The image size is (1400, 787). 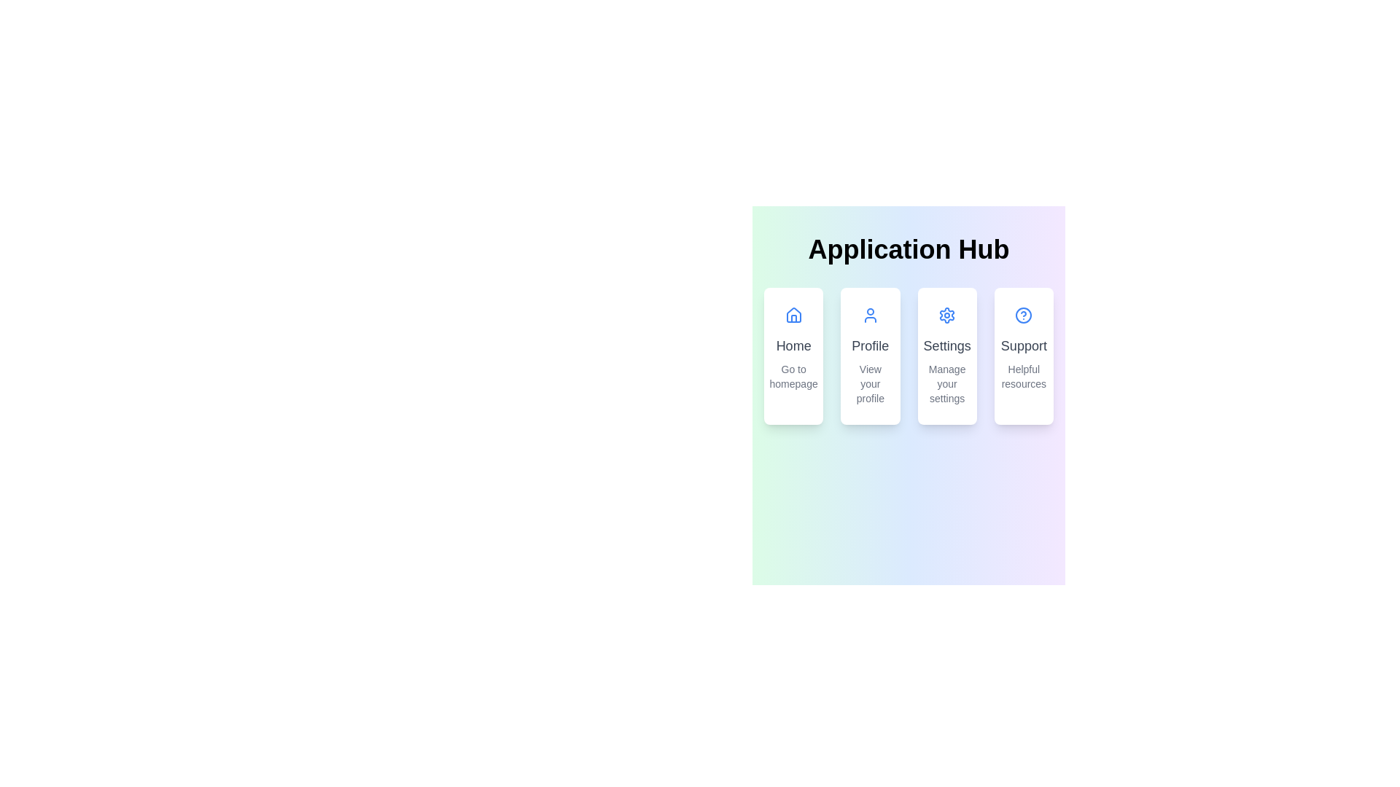 What do you see at coordinates (793, 356) in the screenshot?
I see `the first Hyperlink Card in the 'Application Hub' grid` at bounding box center [793, 356].